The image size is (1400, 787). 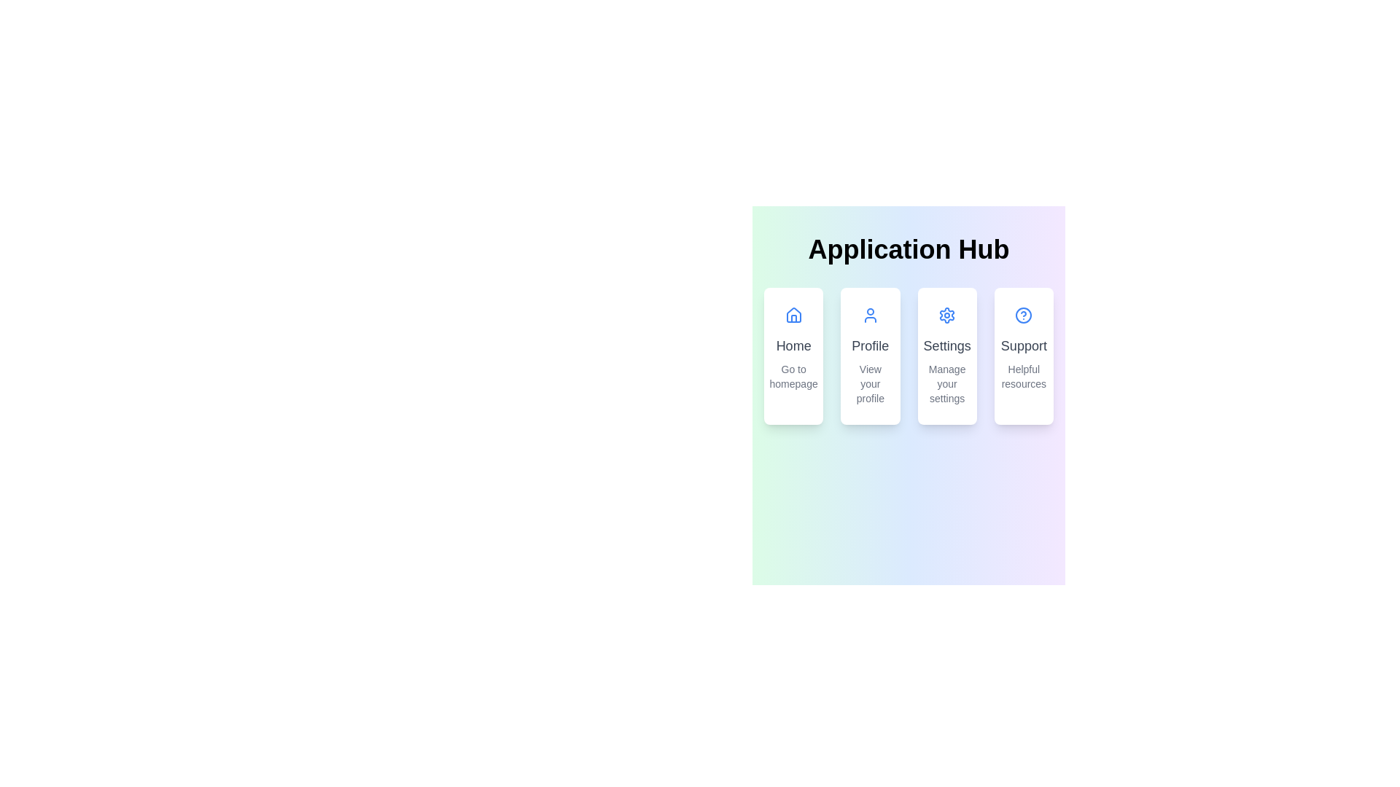 What do you see at coordinates (793, 356) in the screenshot?
I see `the first Hyperlink Card in the 'Application Hub' grid` at bounding box center [793, 356].